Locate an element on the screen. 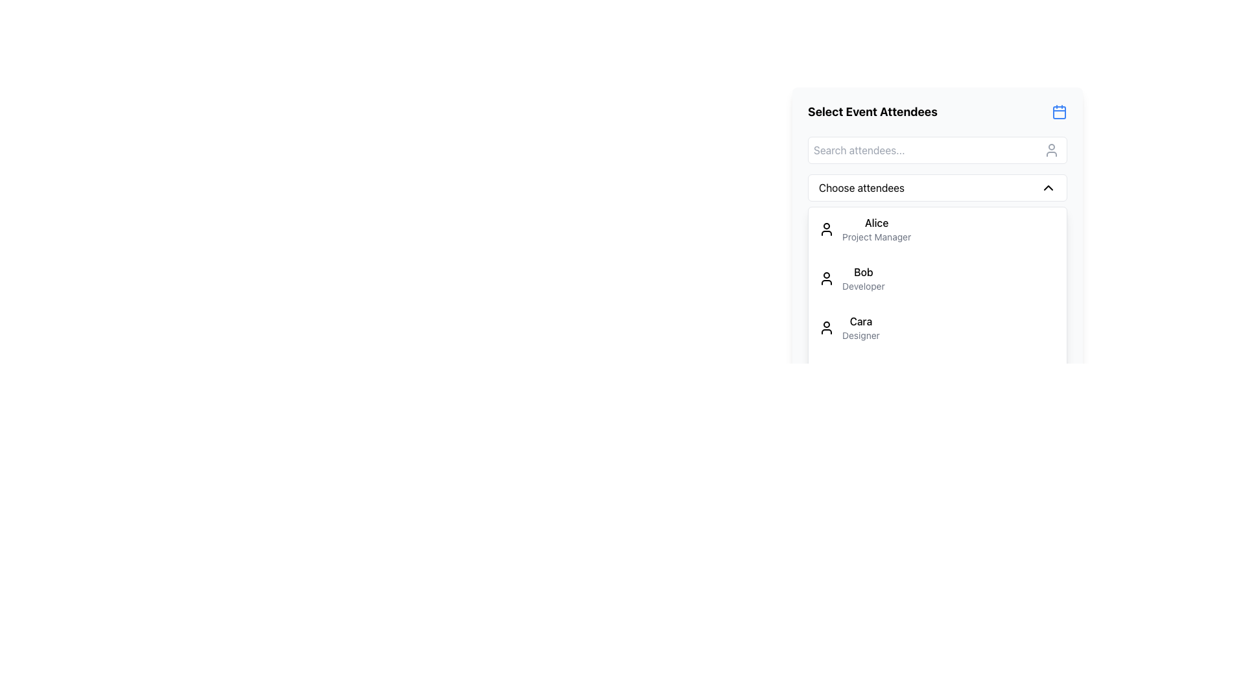 The height and width of the screenshot is (700, 1245). the attendee option for 'Cara - Designer' is located at coordinates (937, 327).